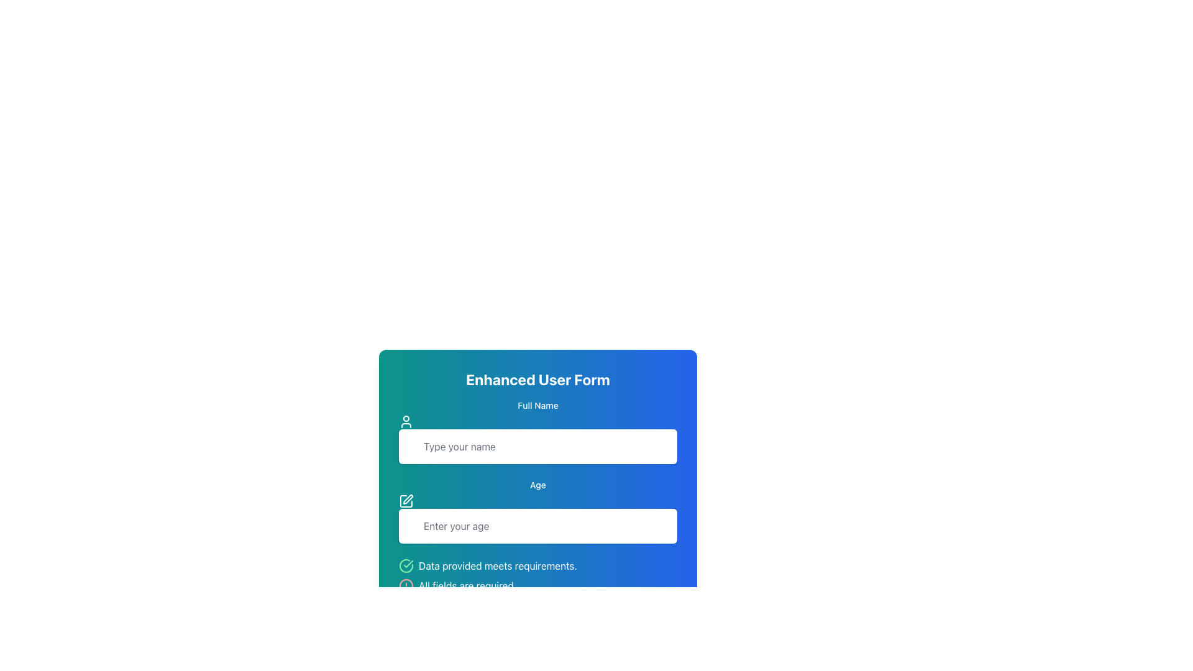  Describe the element at coordinates (537, 575) in the screenshot. I see `the informational text element that confirms data requirements and indicates all fields are required, located at the bottom of the form` at that location.